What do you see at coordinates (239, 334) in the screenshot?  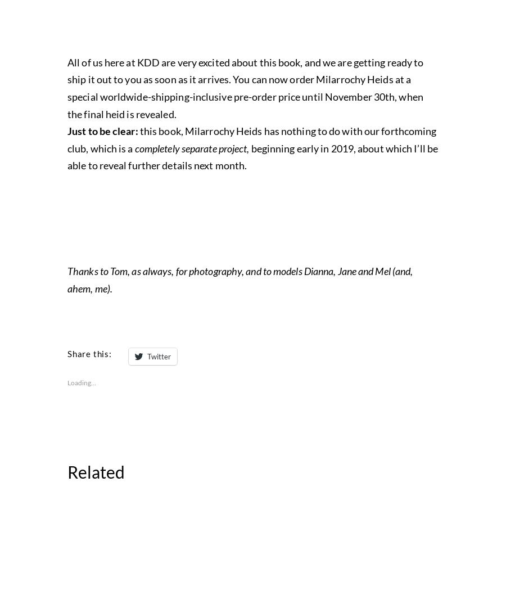 I see `'a special worldwide-shipping-inclusive pre-order price'` at bounding box center [239, 334].